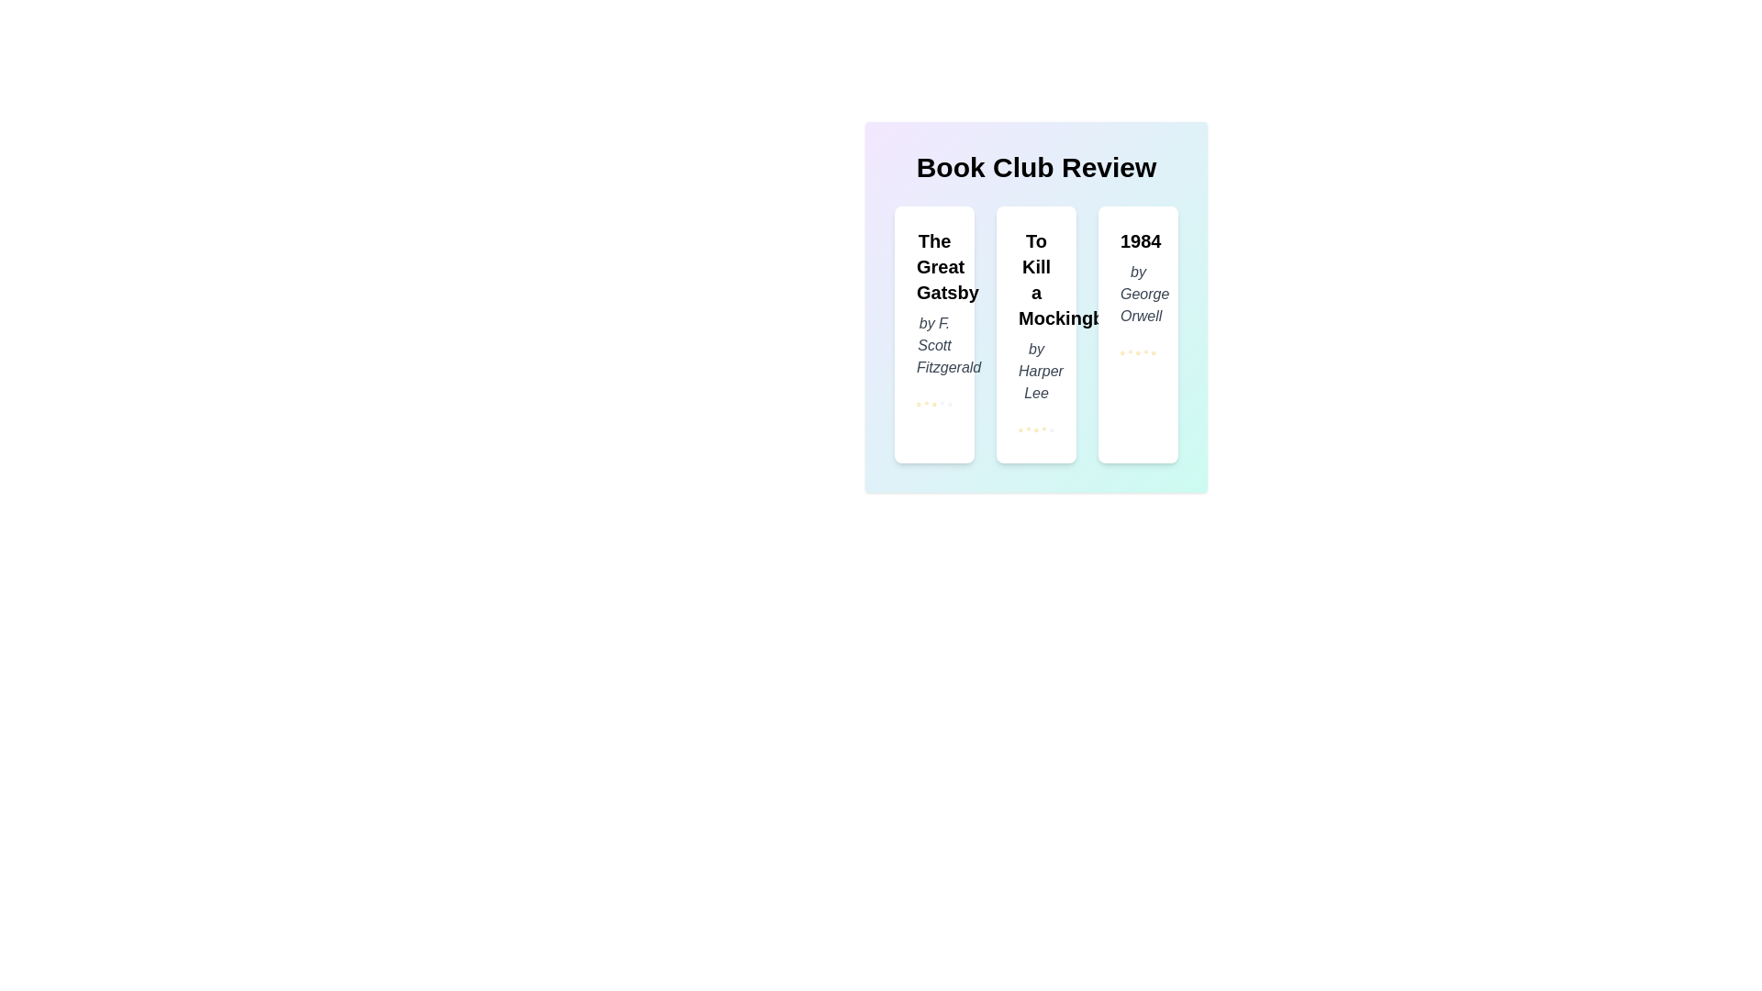 Image resolution: width=1762 pixels, height=991 pixels. I want to click on the book card for 1984 to view its details, so click(1137, 335).